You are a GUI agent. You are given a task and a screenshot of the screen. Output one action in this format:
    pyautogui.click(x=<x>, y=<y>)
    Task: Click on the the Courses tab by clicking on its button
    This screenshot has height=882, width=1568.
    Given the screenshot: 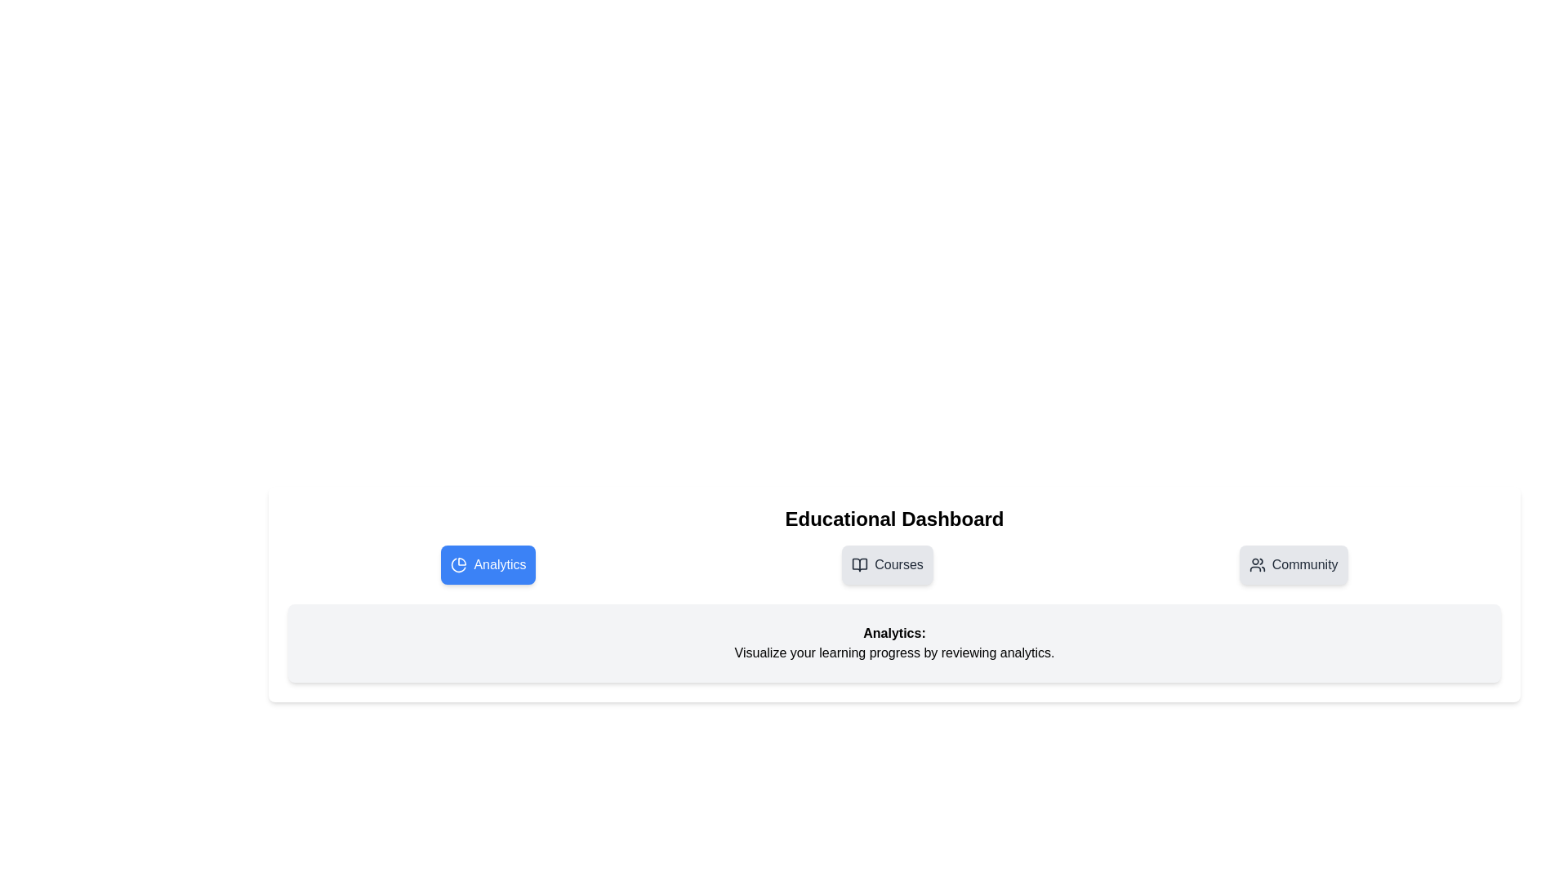 What is the action you would take?
    pyautogui.click(x=886, y=563)
    